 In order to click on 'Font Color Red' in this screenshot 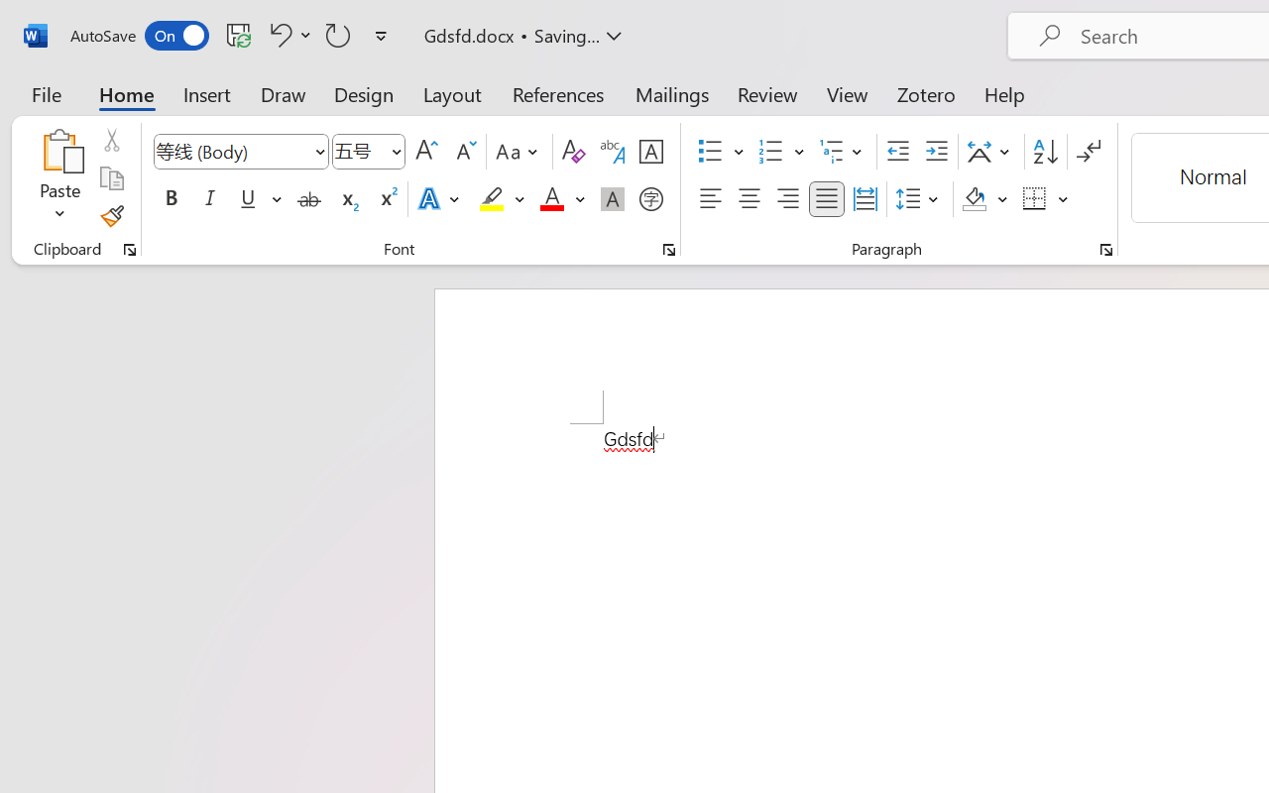, I will do `click(551, 199)`.